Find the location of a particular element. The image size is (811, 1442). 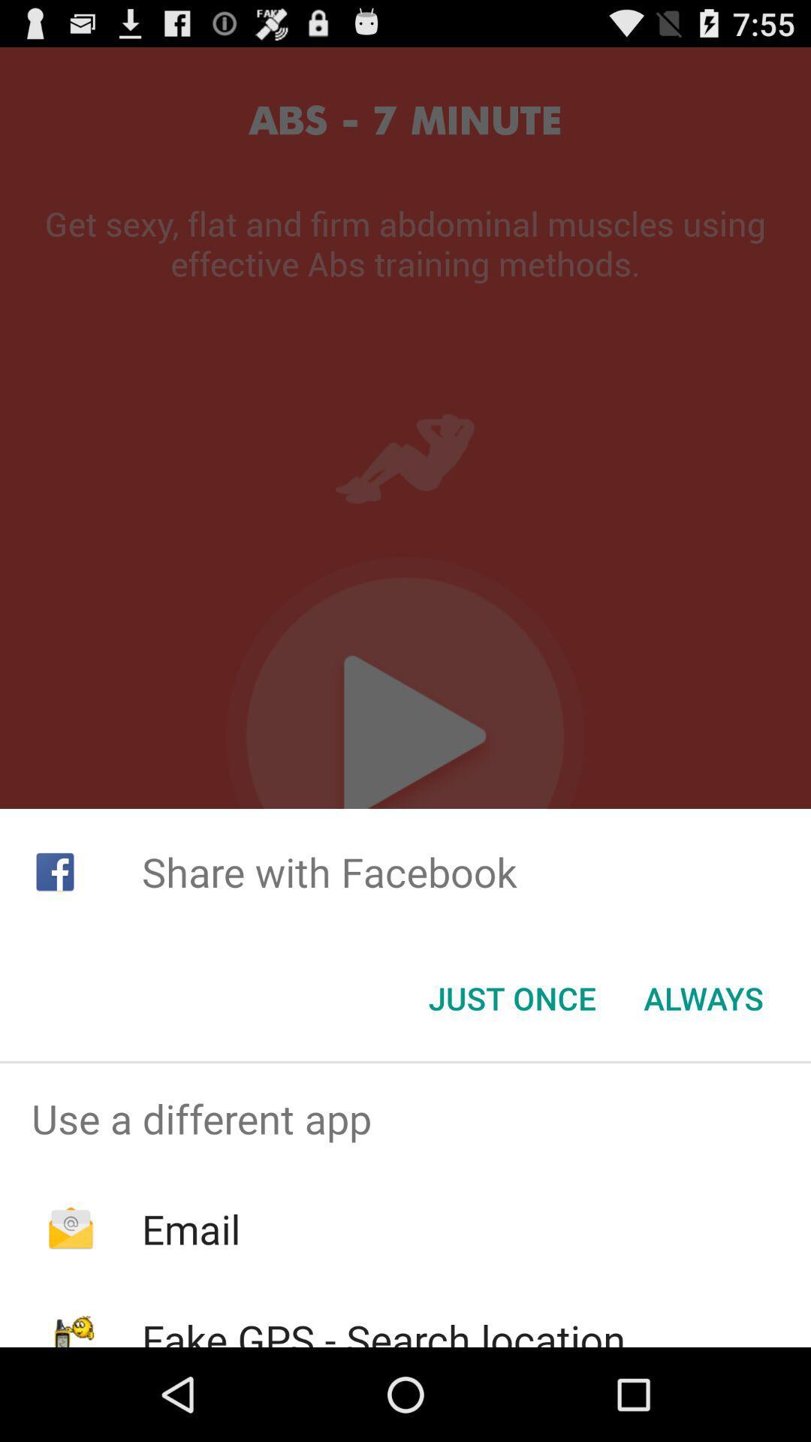

use a different item is located at coordinates (405, 1118).